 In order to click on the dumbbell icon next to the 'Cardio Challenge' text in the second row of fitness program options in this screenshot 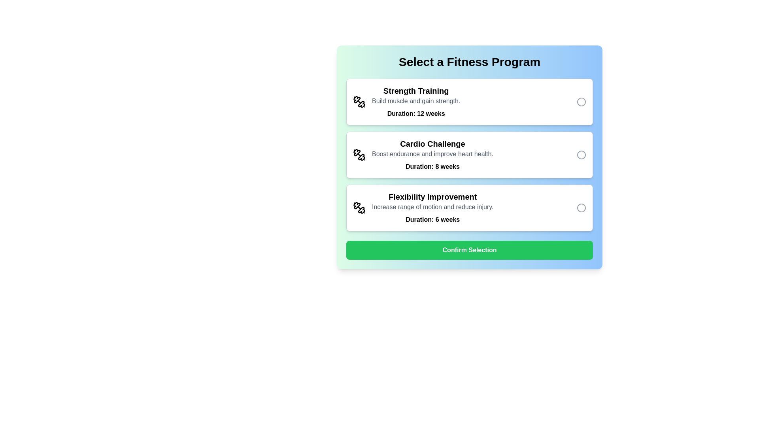, I will do `click(359, 155)`.